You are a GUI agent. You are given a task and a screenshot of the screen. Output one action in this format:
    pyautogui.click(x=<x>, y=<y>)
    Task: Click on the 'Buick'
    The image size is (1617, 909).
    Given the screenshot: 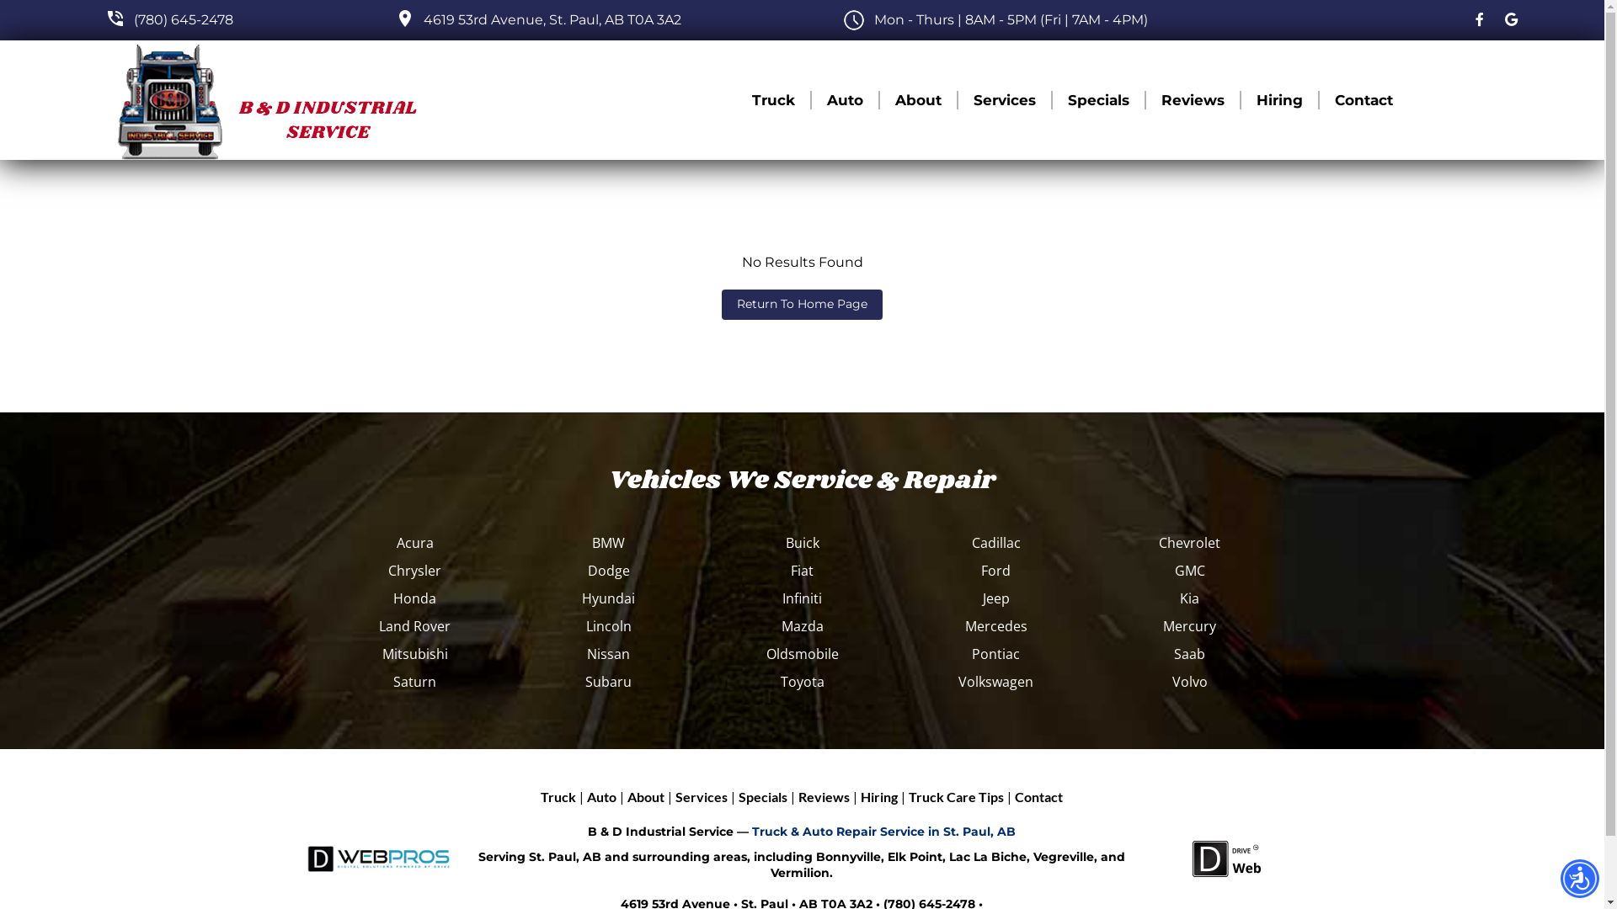 What is the action you would take?
    pyautogui.click(x=802, y=542)
    